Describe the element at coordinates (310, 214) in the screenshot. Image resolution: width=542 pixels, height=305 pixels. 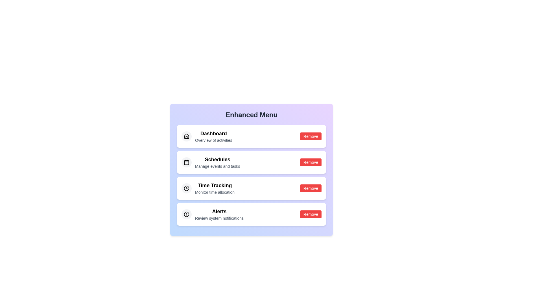
I see `the 'Remove' button for the item with title Alerts` at that location.